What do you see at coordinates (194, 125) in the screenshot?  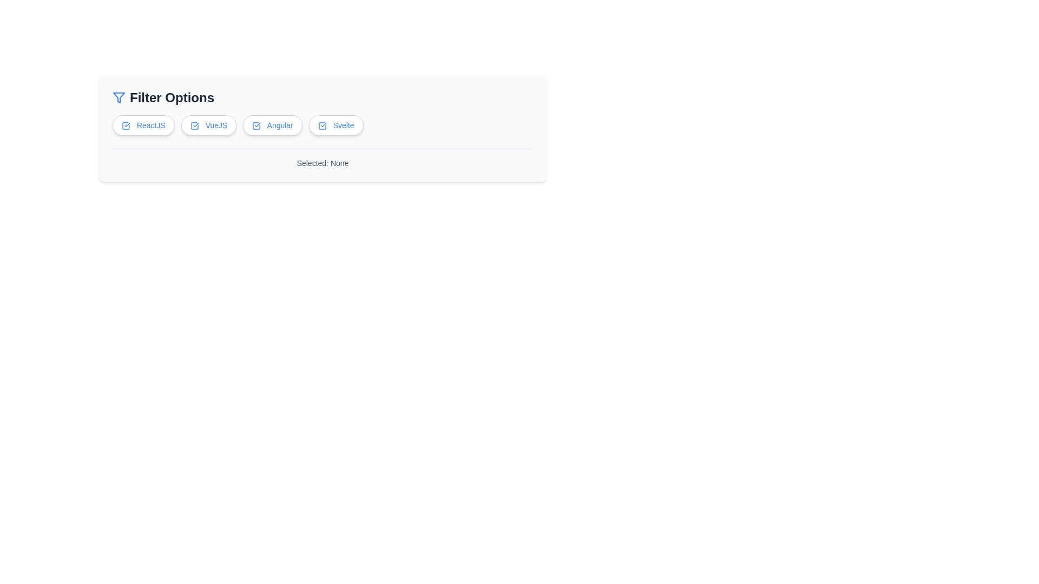 I see `the 'VueJS' button by clicking on the icon that indicates the selection state, which is positioned to the left of the text 'VueJS'` at bounding box center [194, 125].